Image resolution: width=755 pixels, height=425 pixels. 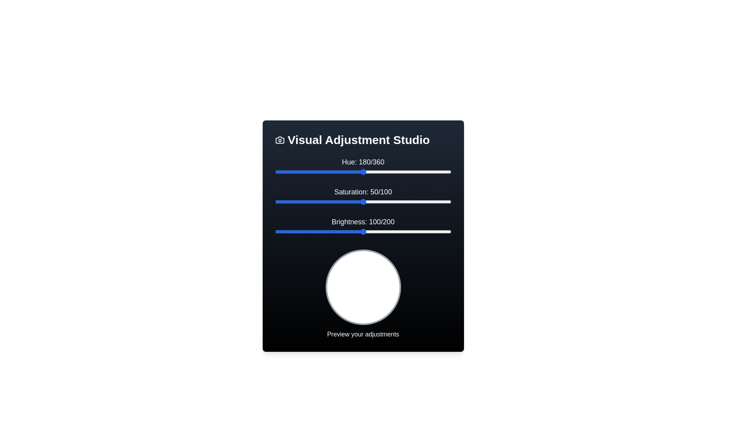 I want to click on the 'Hue' slider to 251 by dragging the slider, so click(x=398, y=171).